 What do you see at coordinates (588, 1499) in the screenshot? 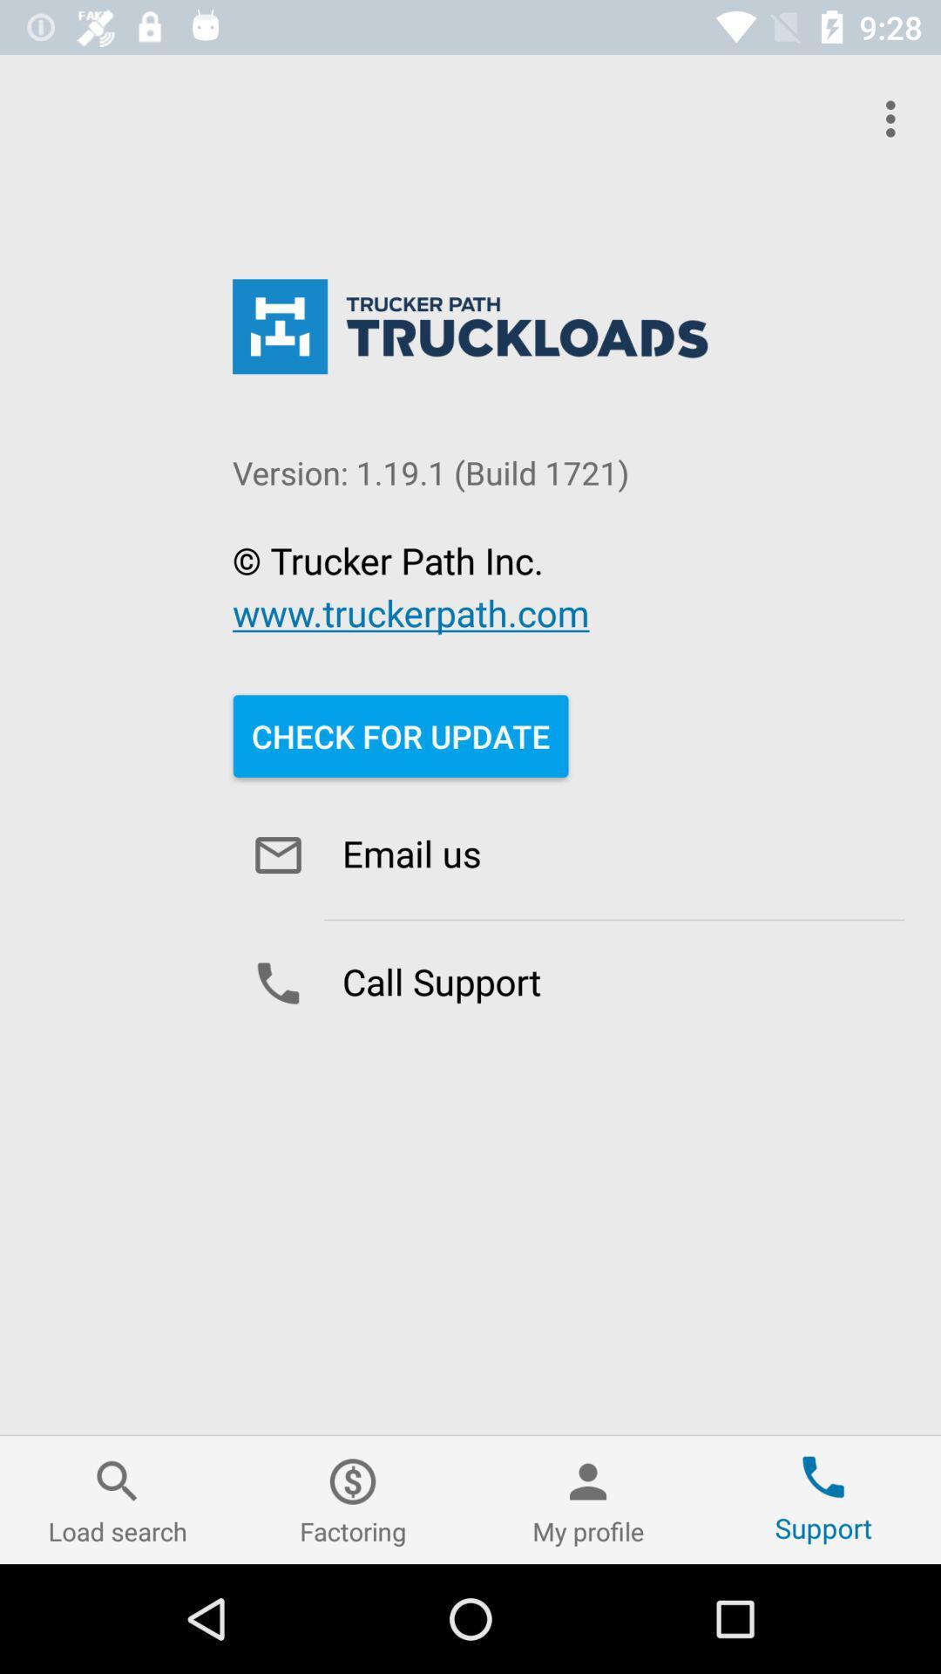
I see `the icon next to the support icon` at bounding box center [588, 1499].